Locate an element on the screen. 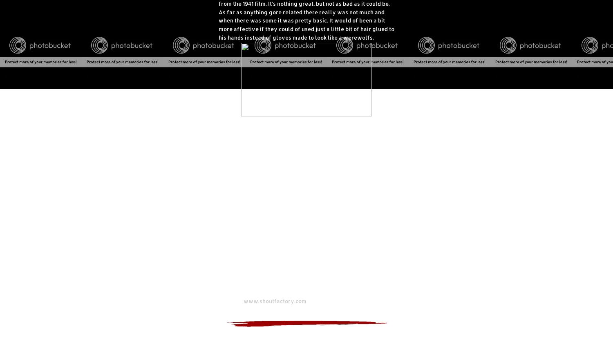 The image size is (613, 364). 'Region Code: Region A' is located at coordinates (248, 283).